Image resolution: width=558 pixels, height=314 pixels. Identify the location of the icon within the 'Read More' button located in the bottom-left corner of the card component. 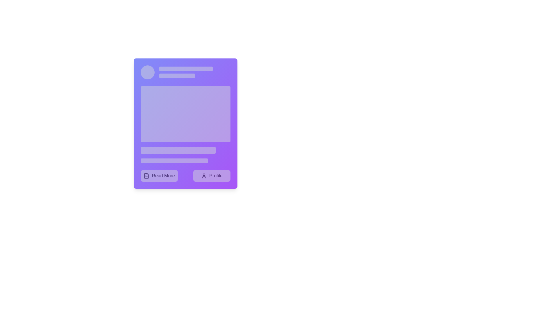
(146, 176).